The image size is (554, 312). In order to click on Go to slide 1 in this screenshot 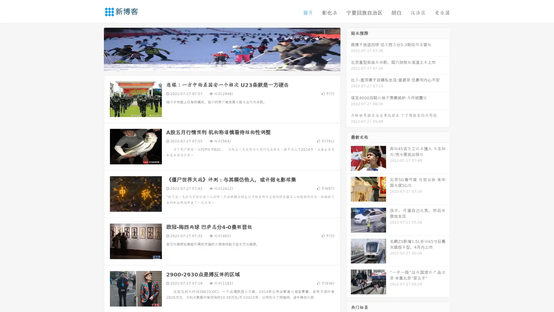, I will do `click(216, 65)`.